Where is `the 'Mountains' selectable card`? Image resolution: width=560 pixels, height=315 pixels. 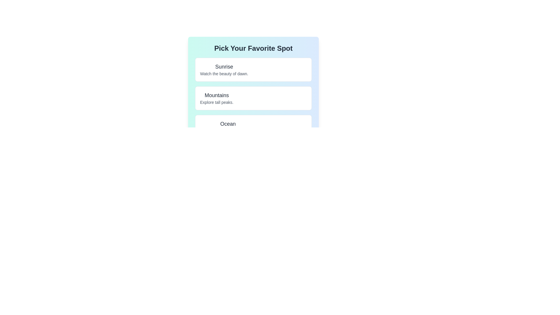 the 'Mountains' selectable card is located at coordinates (253, 98).